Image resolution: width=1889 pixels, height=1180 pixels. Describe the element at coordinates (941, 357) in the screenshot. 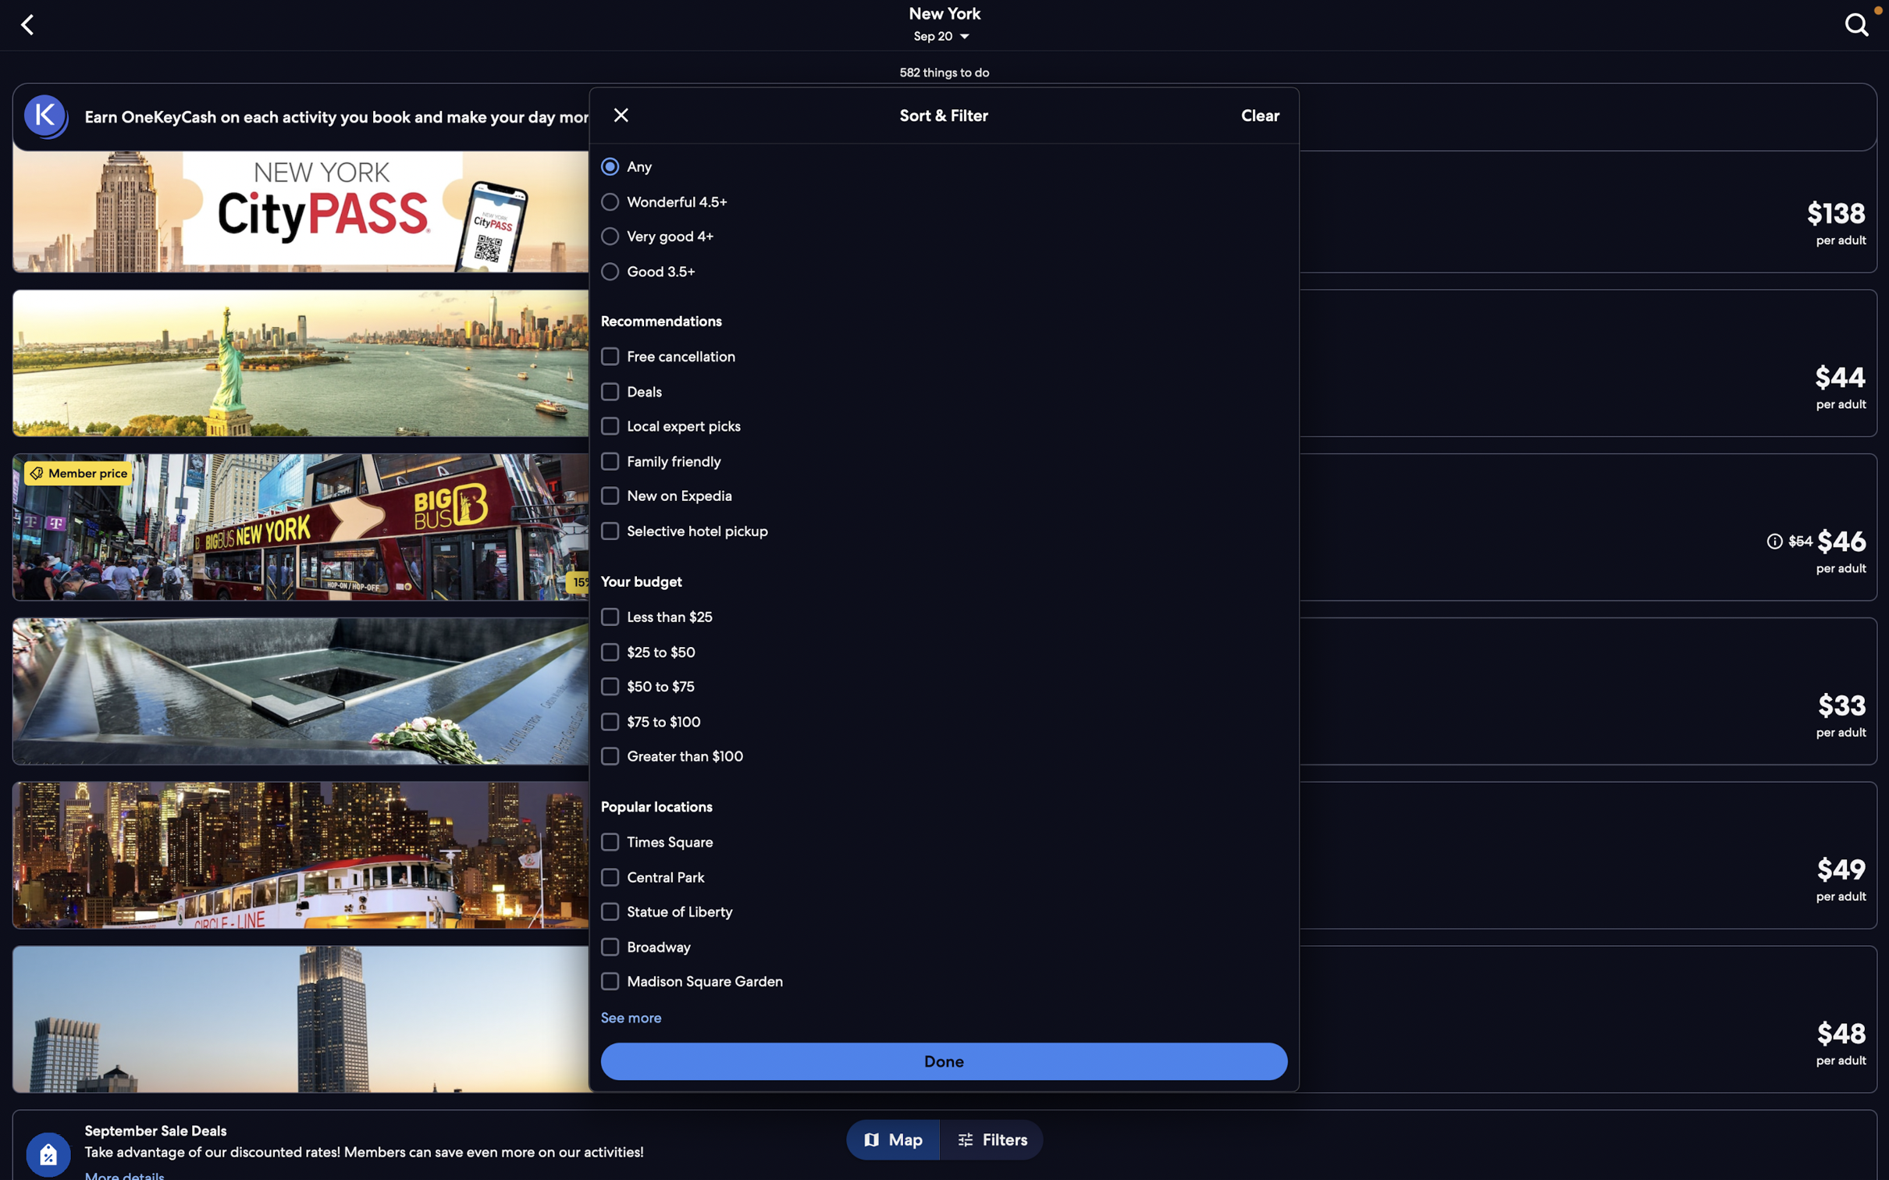

I see `free cancellation and family friendly places` at that location.